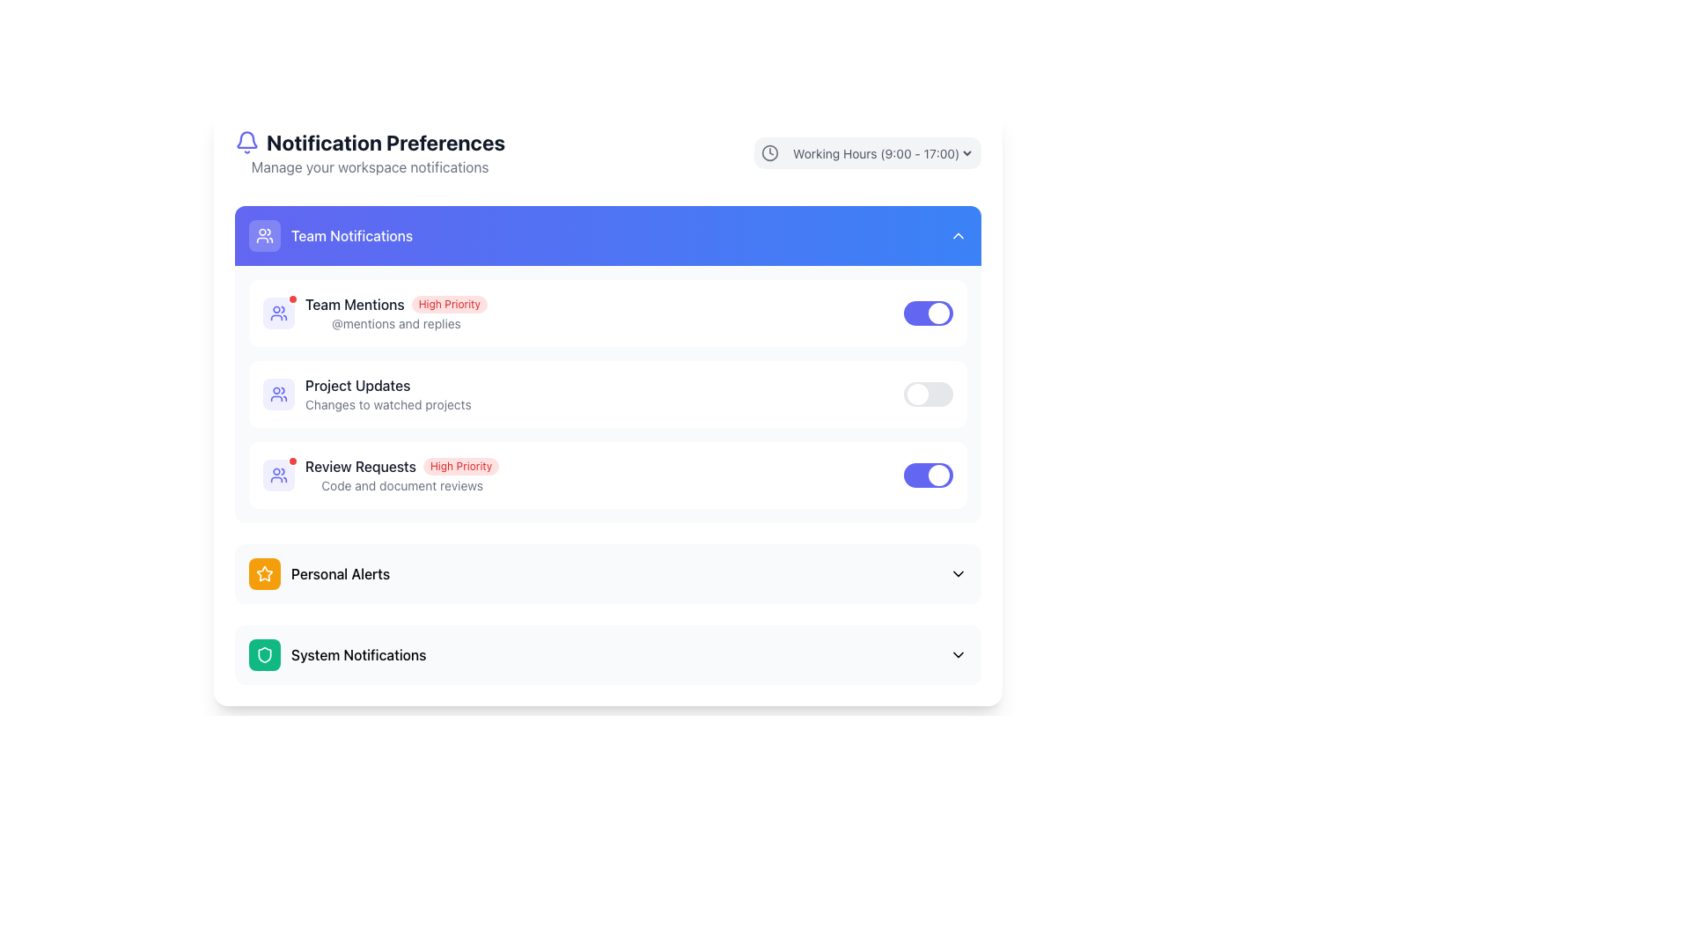 This screenshot has width=1690, height=951. What do you see at coordinates (354, 304) in the screenshot?
I see `the 'Team Mentions' static text element, which is styled in medium font weight and dark color, located at the top of the notification settings list, preceding the 'High Priority' label` at bounding box center [354, 304].